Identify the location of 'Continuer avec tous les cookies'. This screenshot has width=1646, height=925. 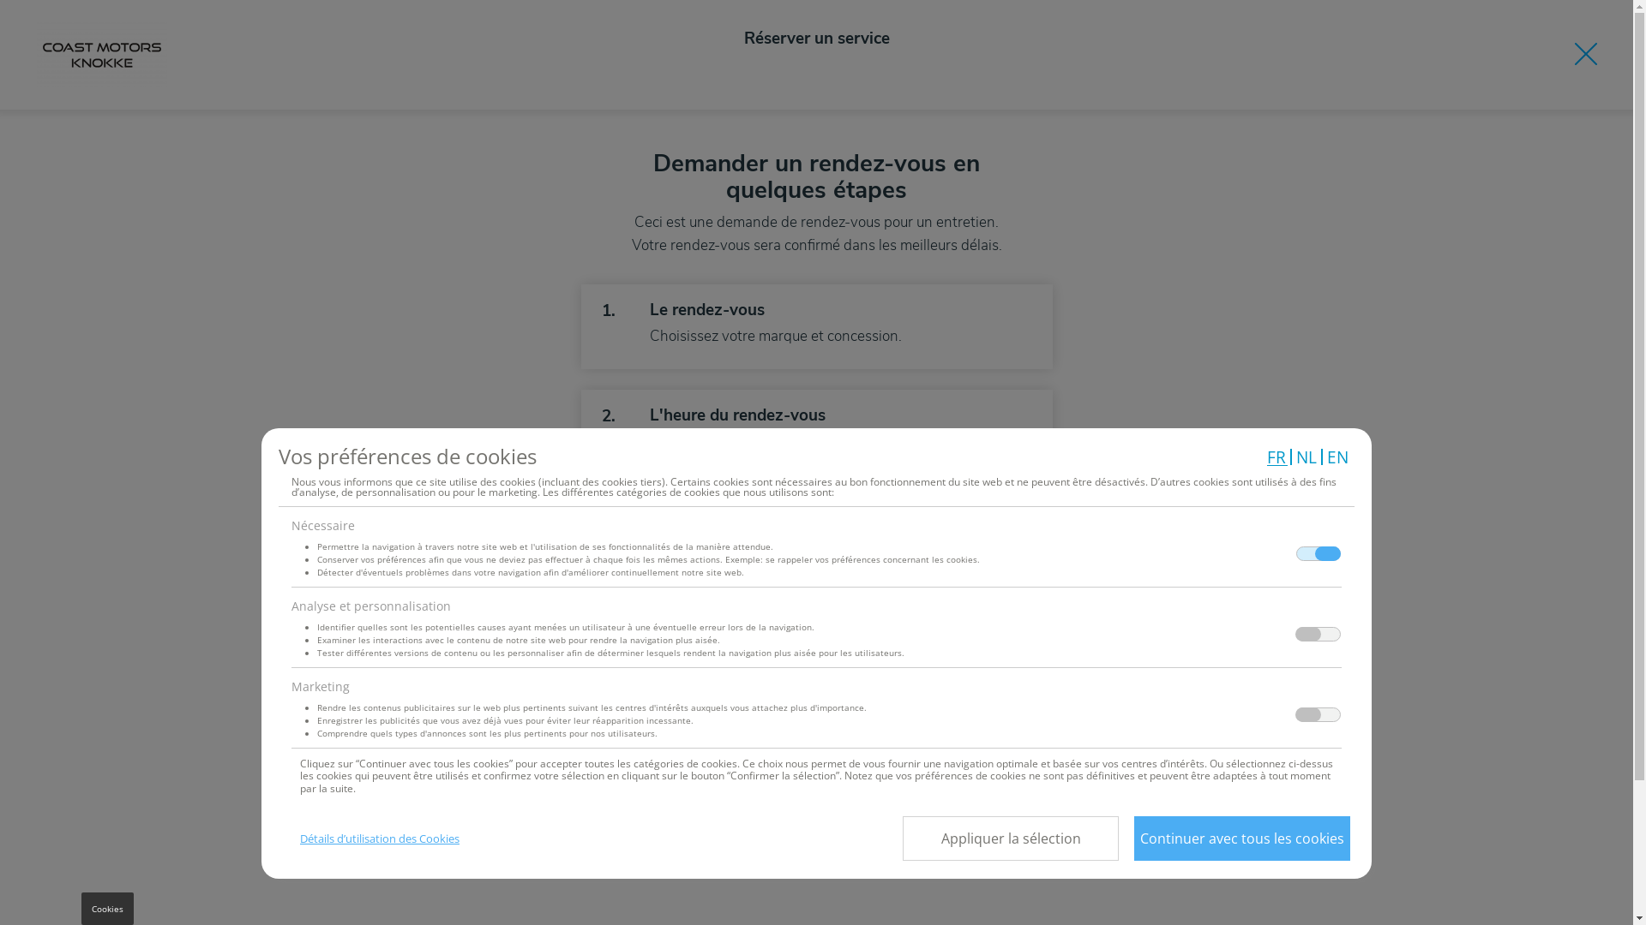
(1242, 838).